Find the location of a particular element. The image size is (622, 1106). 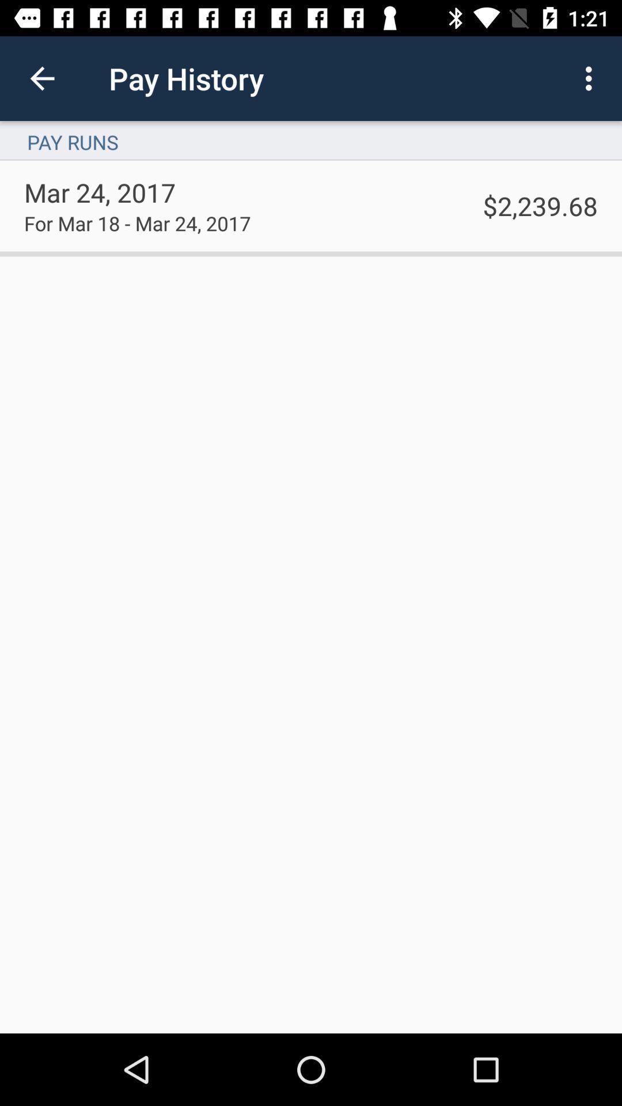

the item to the left of $2,239.68 icon is located at coordinates (136, 223).